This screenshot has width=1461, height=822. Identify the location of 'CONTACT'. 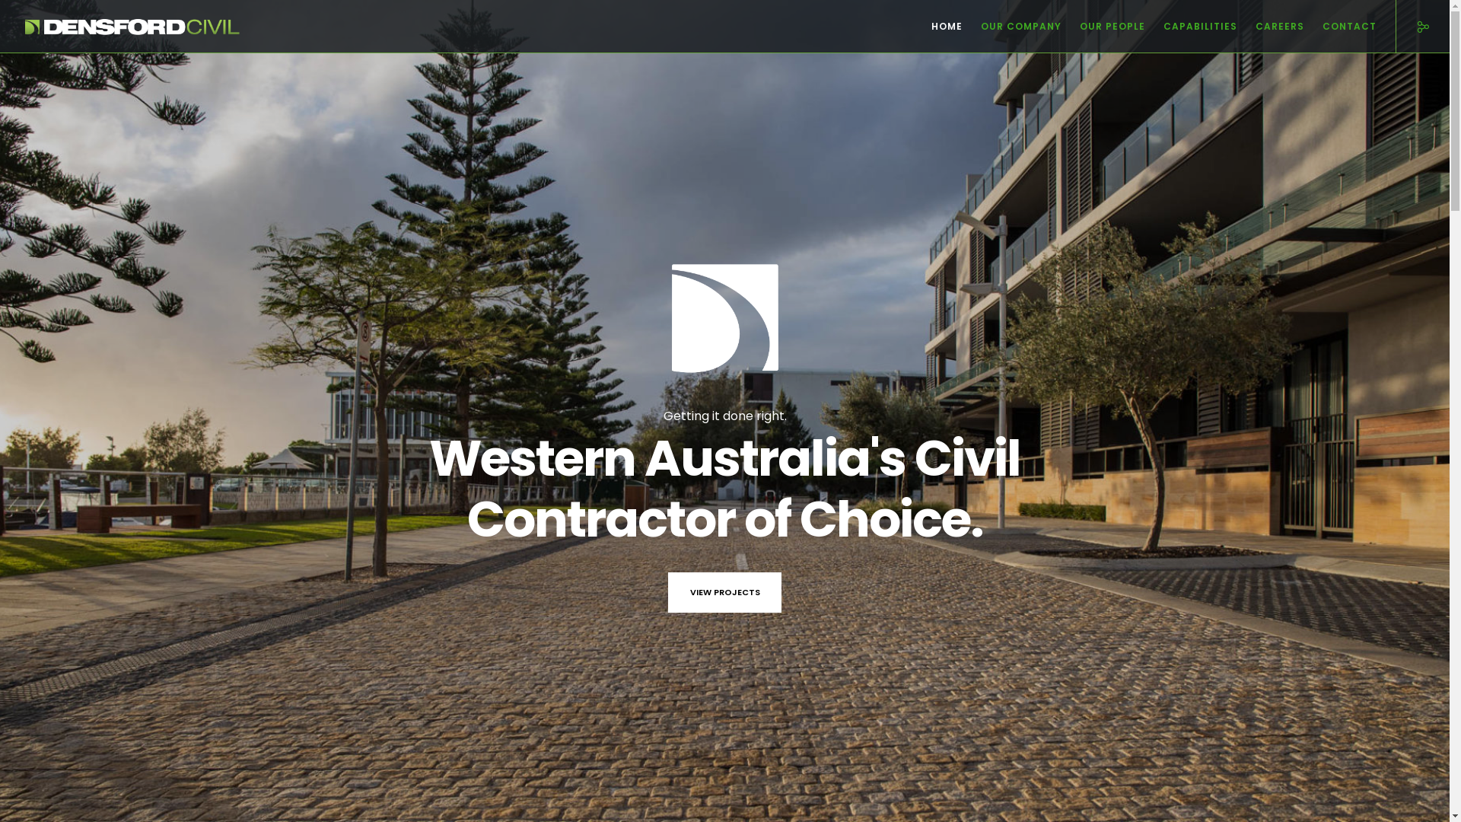
(1303, 26).